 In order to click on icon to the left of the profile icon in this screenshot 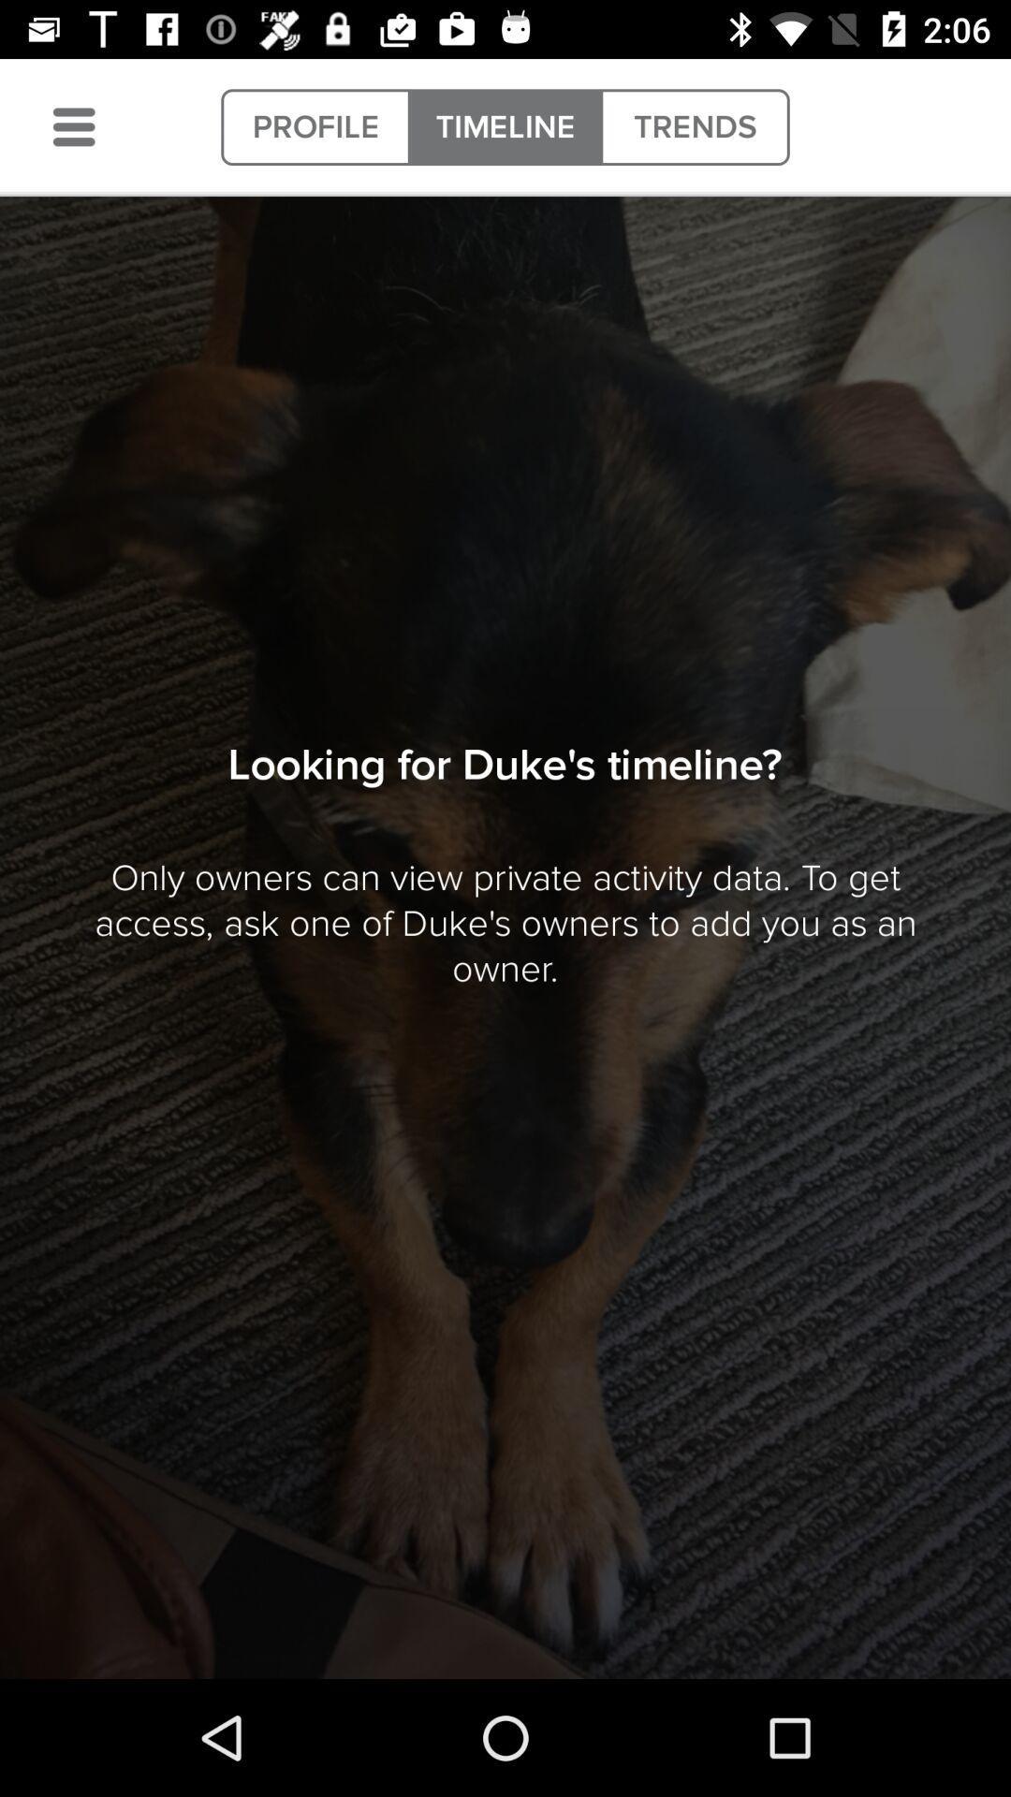, I will do `click(73, 126)`.